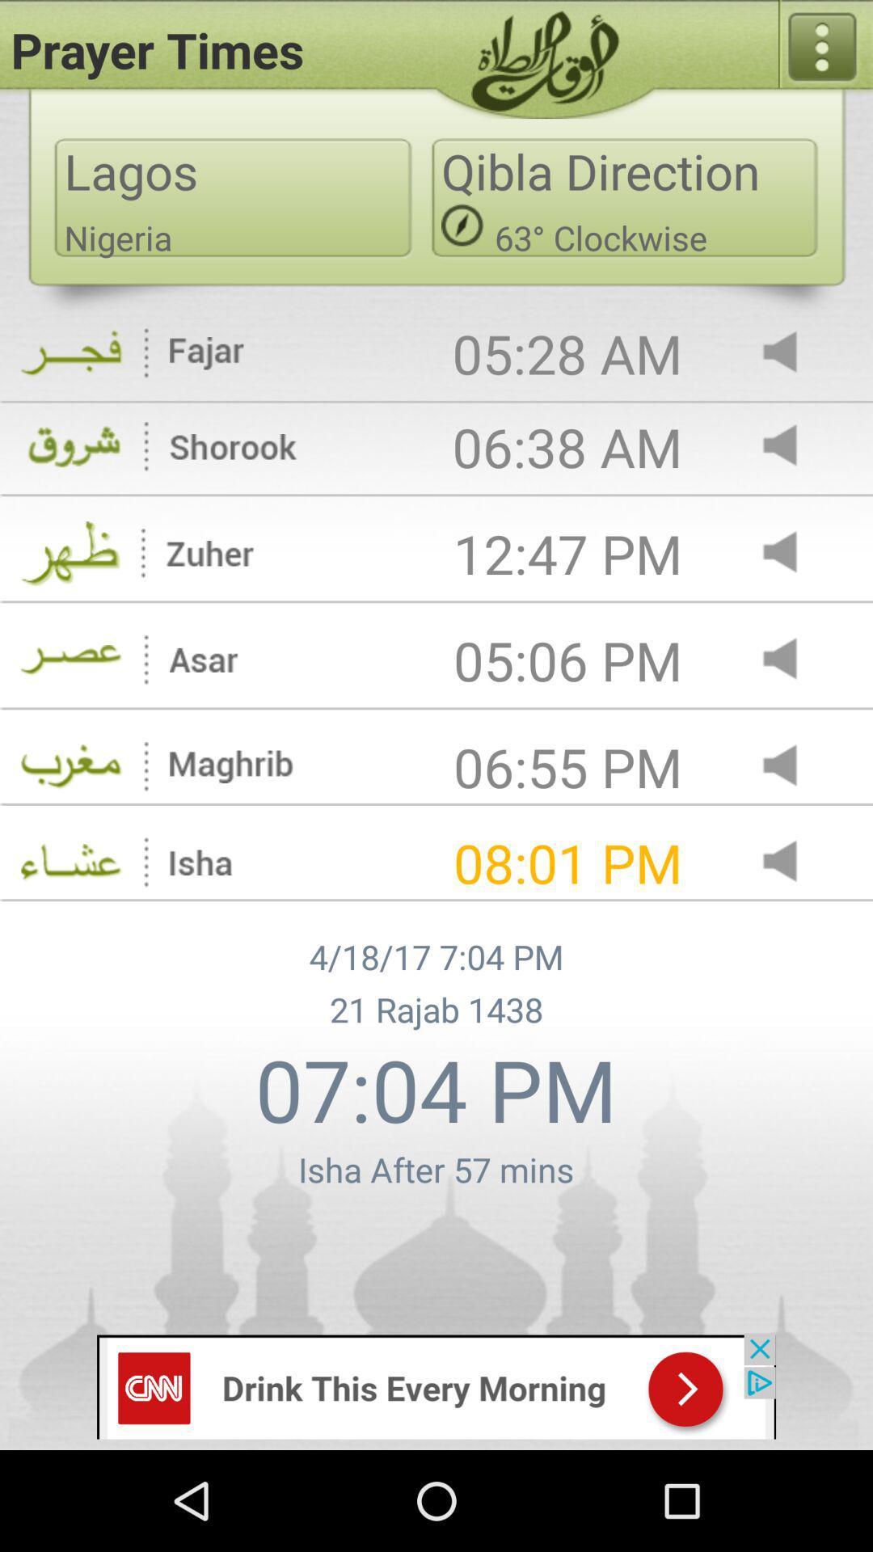 Image resolution: width=873 pixels, height=1552 pixels. What do you see at coordinates (793, 352) in the screenshot?
I see `volume` at bounding box center [793, 352].